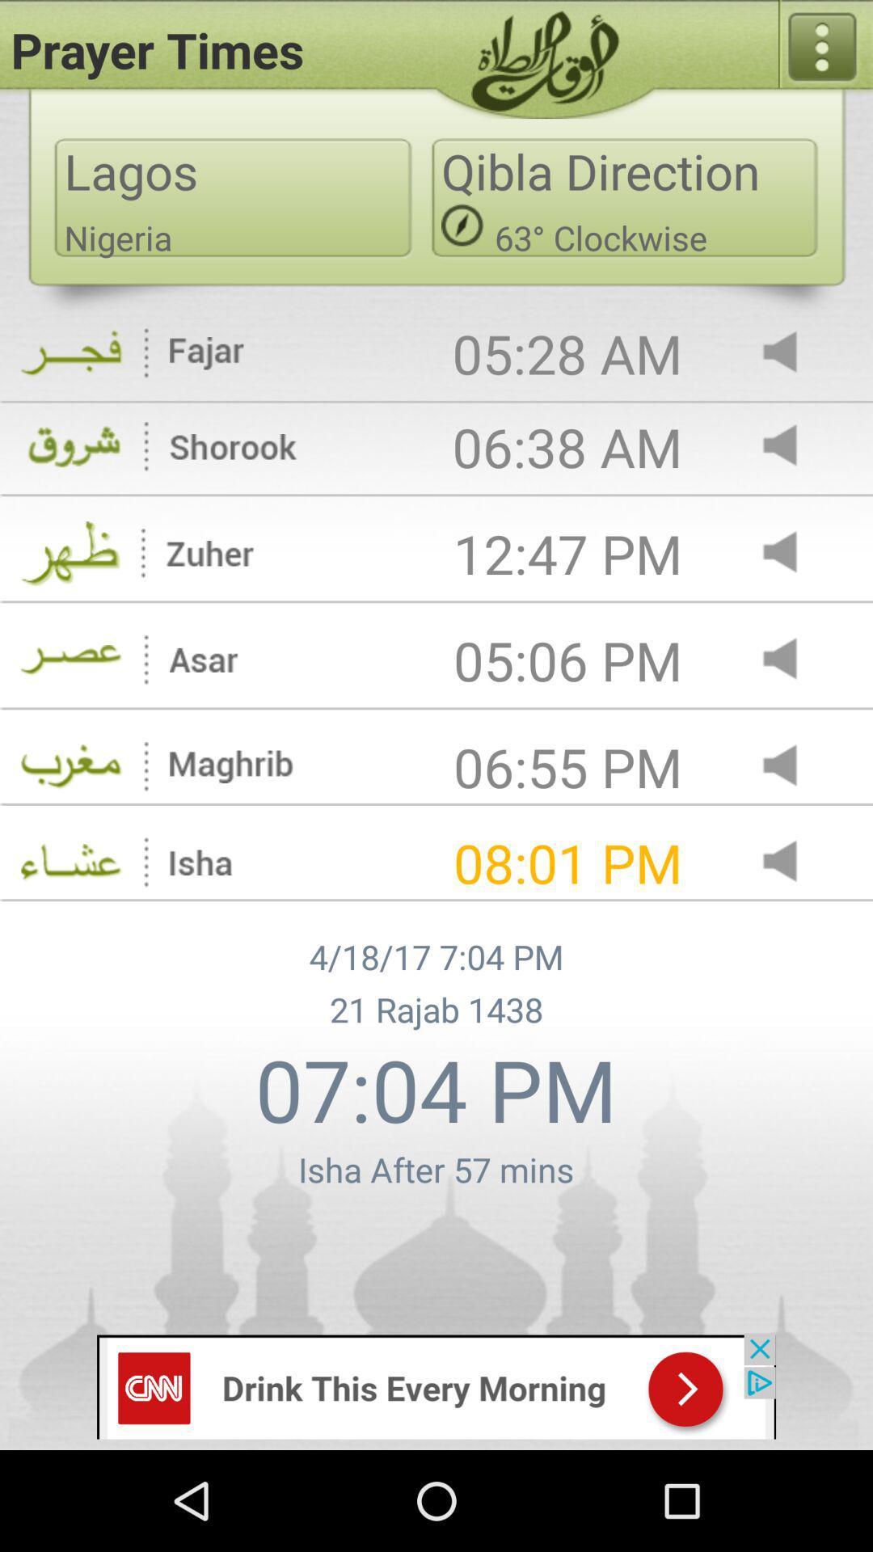 Image resolution: width=873 pixels, height=1552 pixels. What do you see at coordinates (793, 352) in the screenshot?
I see `volume` at bounding box center [793, 352].